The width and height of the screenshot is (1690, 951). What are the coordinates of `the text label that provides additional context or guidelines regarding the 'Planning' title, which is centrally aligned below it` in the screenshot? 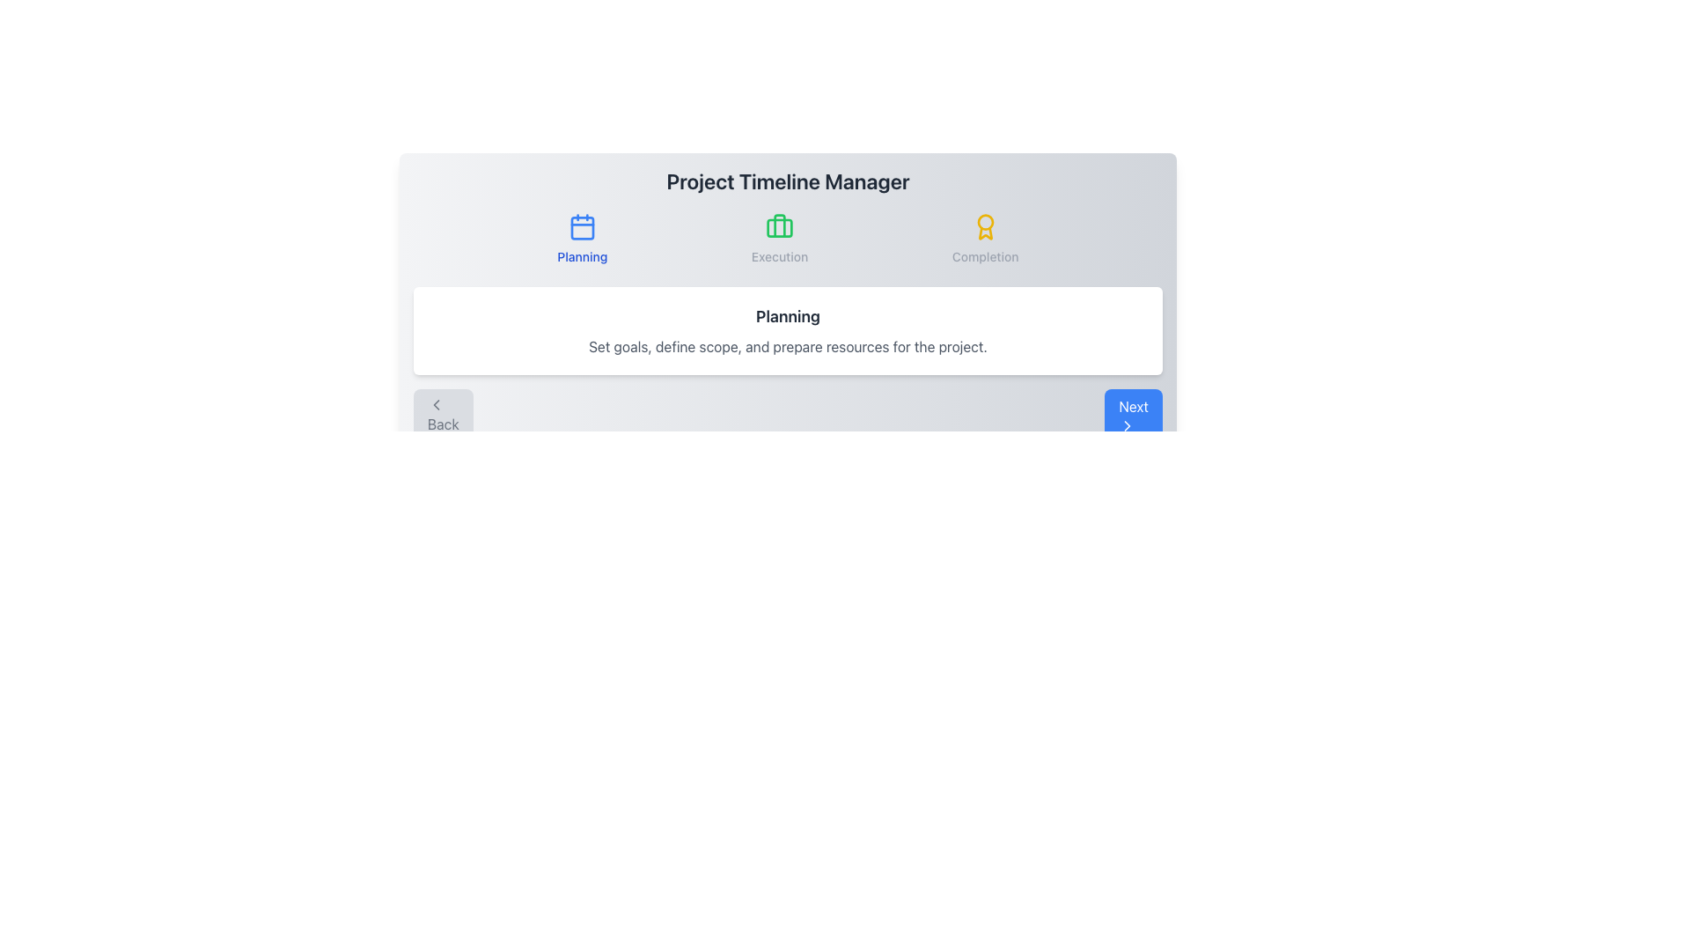 It's located at (787, 346).